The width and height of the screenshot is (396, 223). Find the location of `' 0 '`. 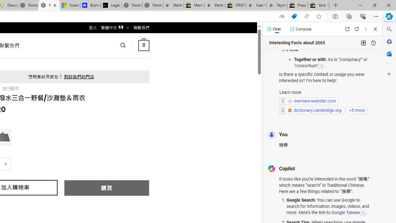

' 0 ' is located at coordinates (143, 45).